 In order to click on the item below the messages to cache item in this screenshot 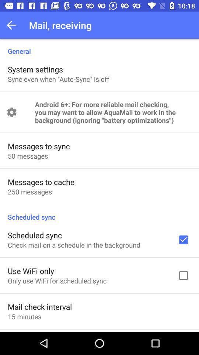, I will do `click(29, 191)`.